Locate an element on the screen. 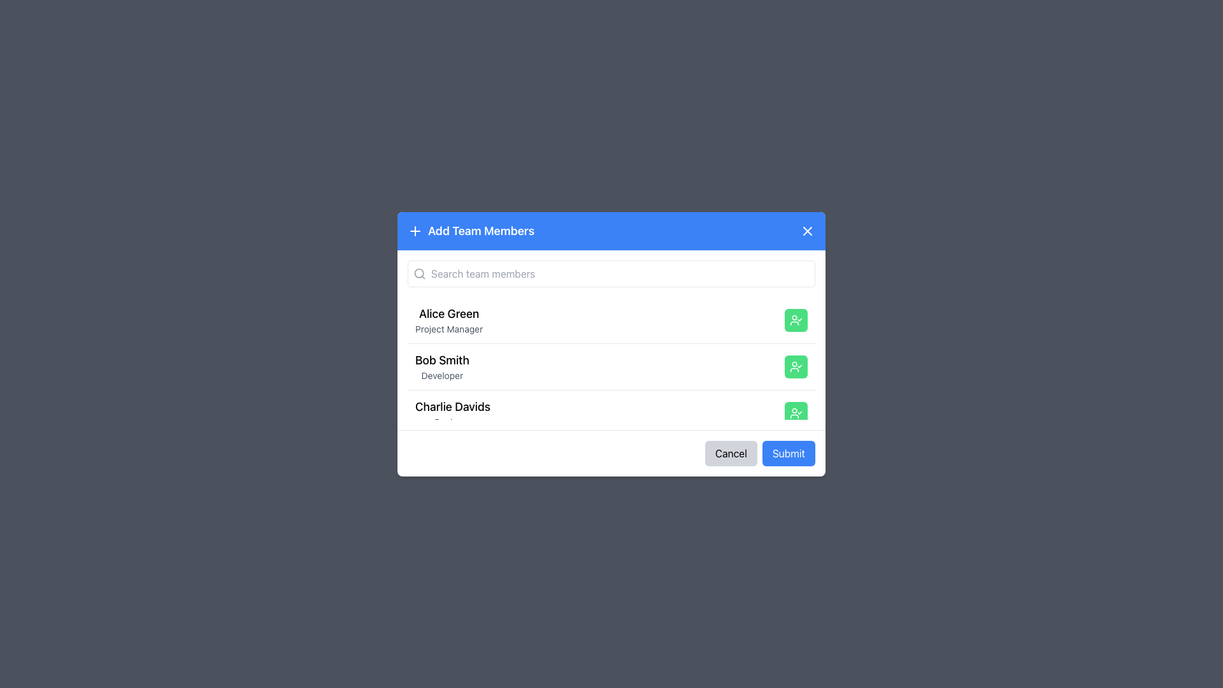 The width and height of the screenshot is (1223, 688). the user-check icon, which is a white graphic figure of a person with a check mark on a green circular background, located next to 'Alice Green' in the dialog box is located at coordinates (795, 319).